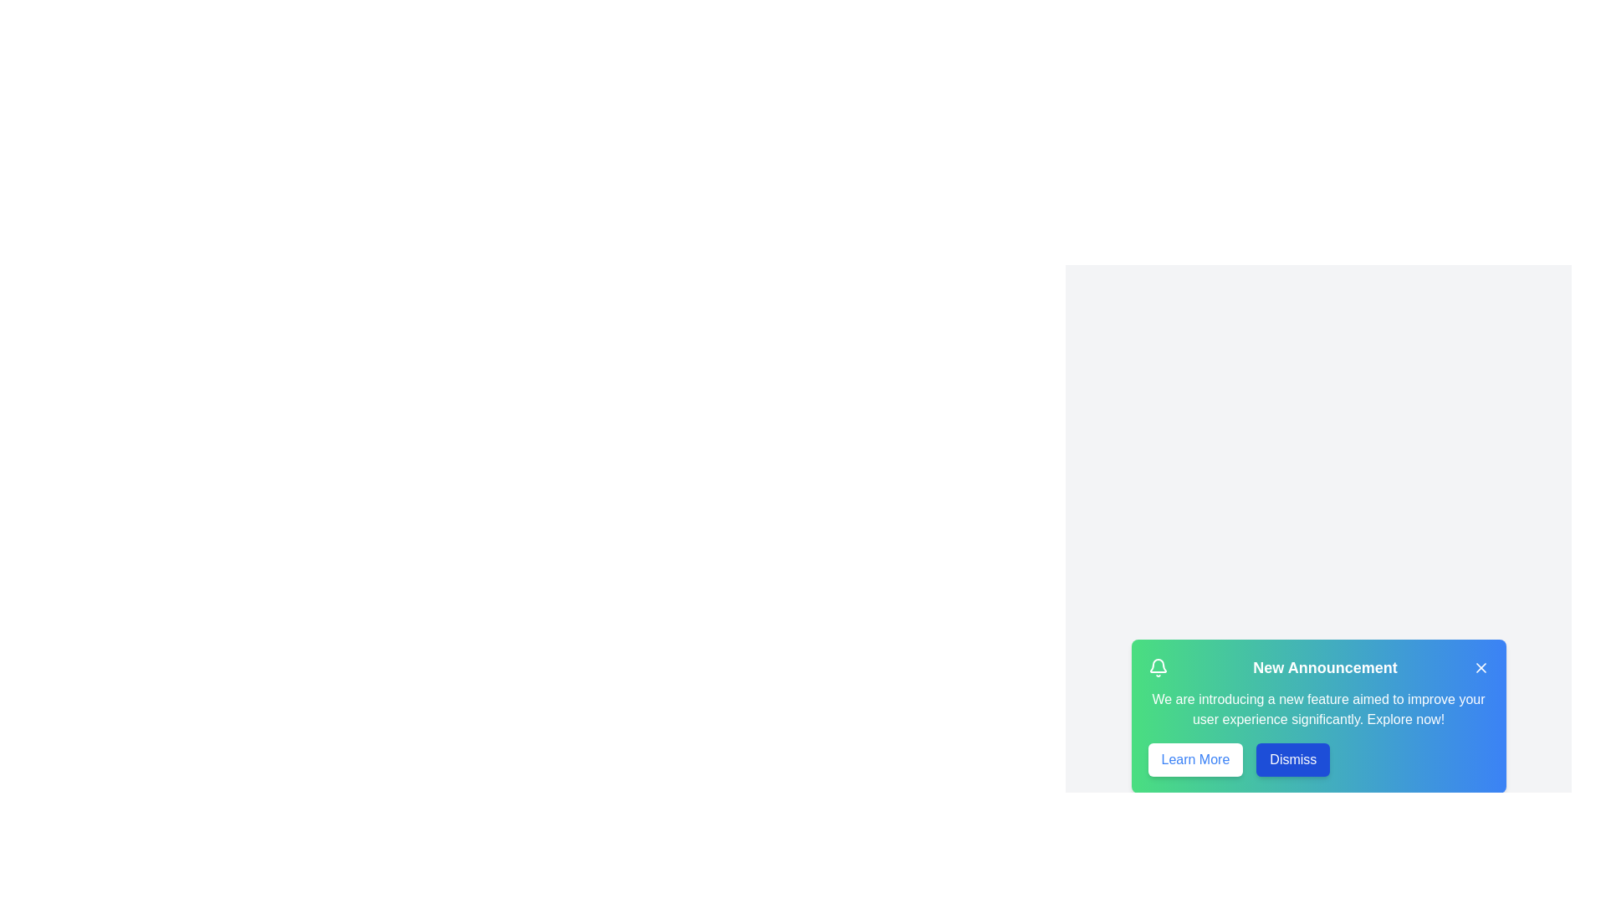 Image resolution: width=1606 pixels, height=903 pixels. Describe the element at coordinates (1317, 709) in the screenshot. I see `text block displaying the message 'We are introducing a new feature aimed to improve your user experience significantly. Explore now!' which is styled in a white font within a rounded notification box` at that location.